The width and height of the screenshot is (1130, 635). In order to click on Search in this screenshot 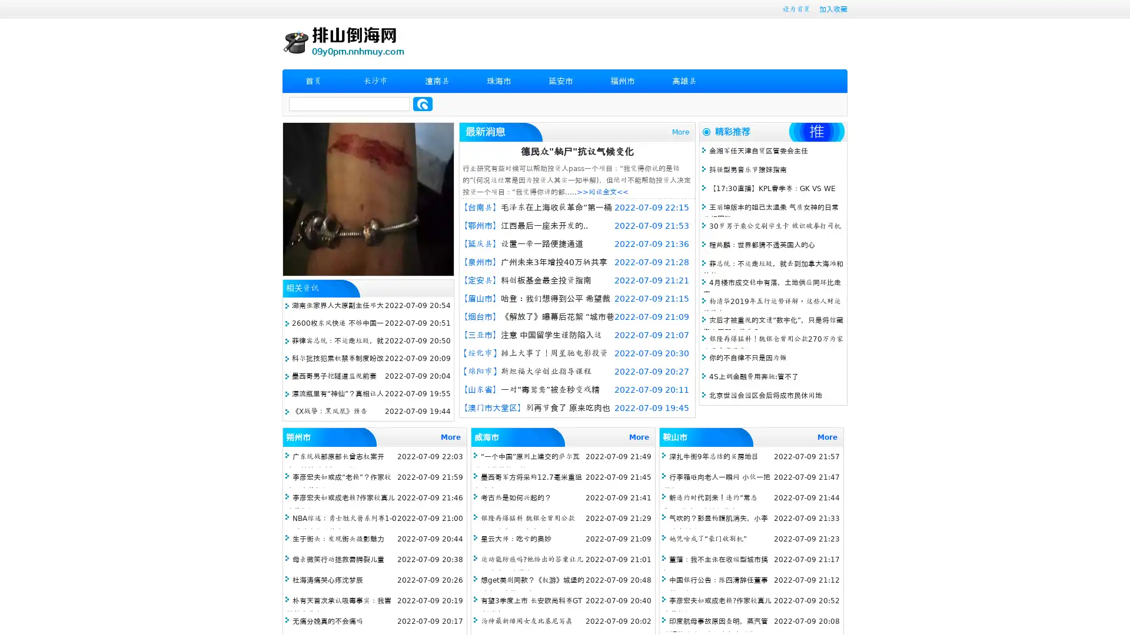, I will do `click(423, 103)`.